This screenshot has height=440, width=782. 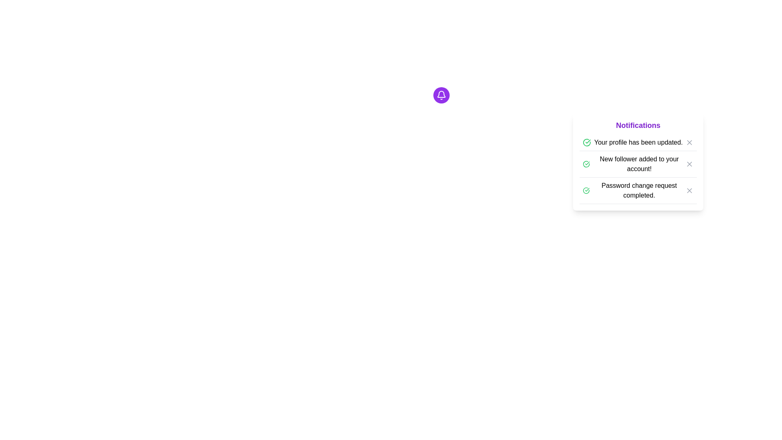 I want to click on the gray 'X' icon button located to the right of the notification text 'New follower added to your account!' to change its color, so click(x=689, y=164).